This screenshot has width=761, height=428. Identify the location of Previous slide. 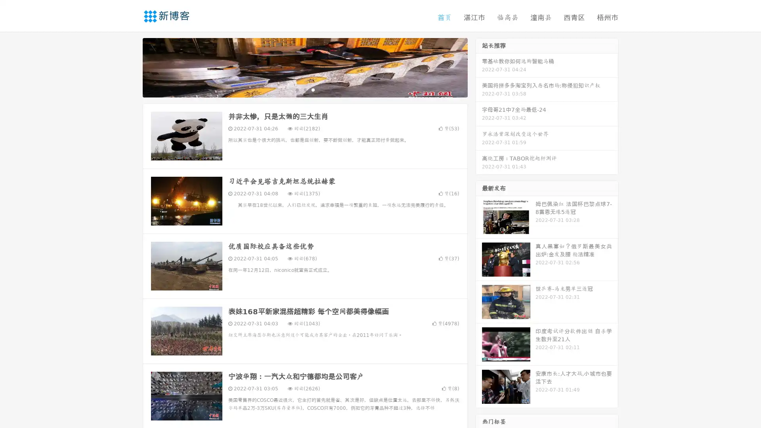
(131, 67).